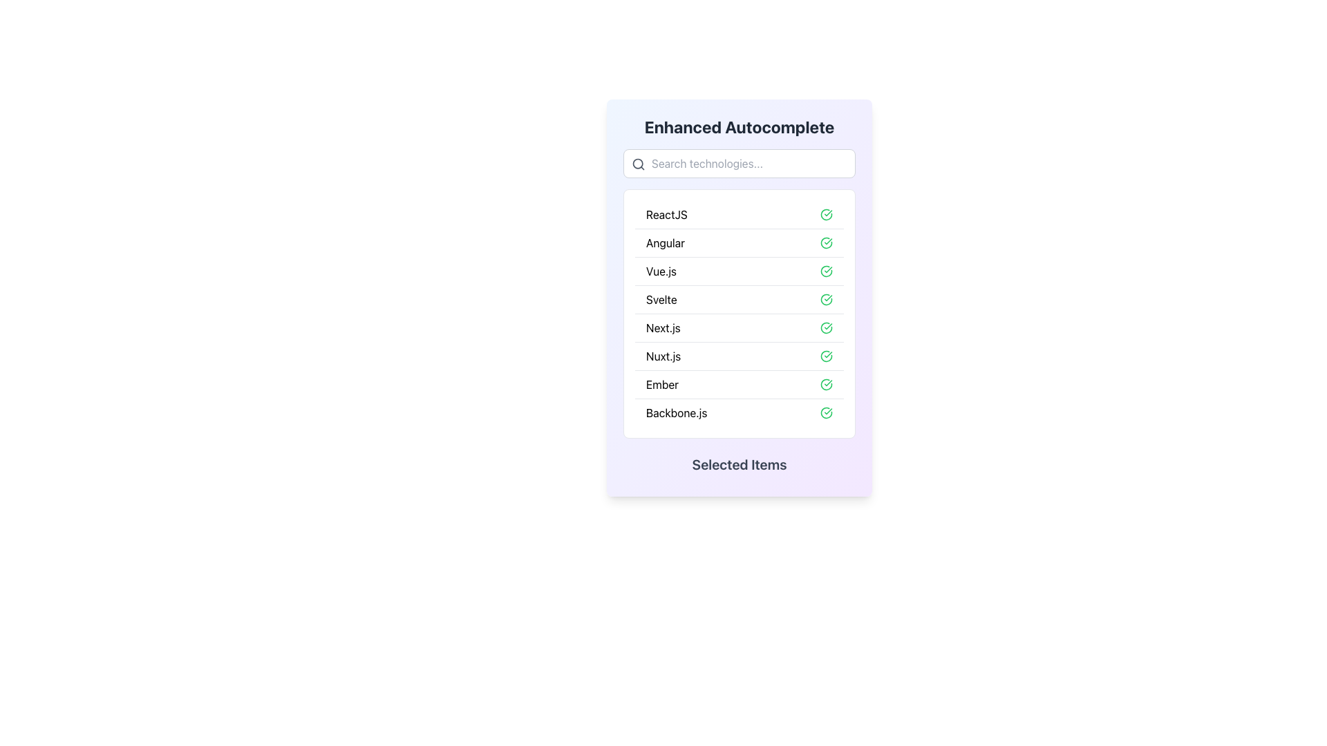 The width and height of the screenshot is (1327, 746). I want to click on the first List Item displaying the text 'ReactJS' for keyboard interaction, so click(739, 215).